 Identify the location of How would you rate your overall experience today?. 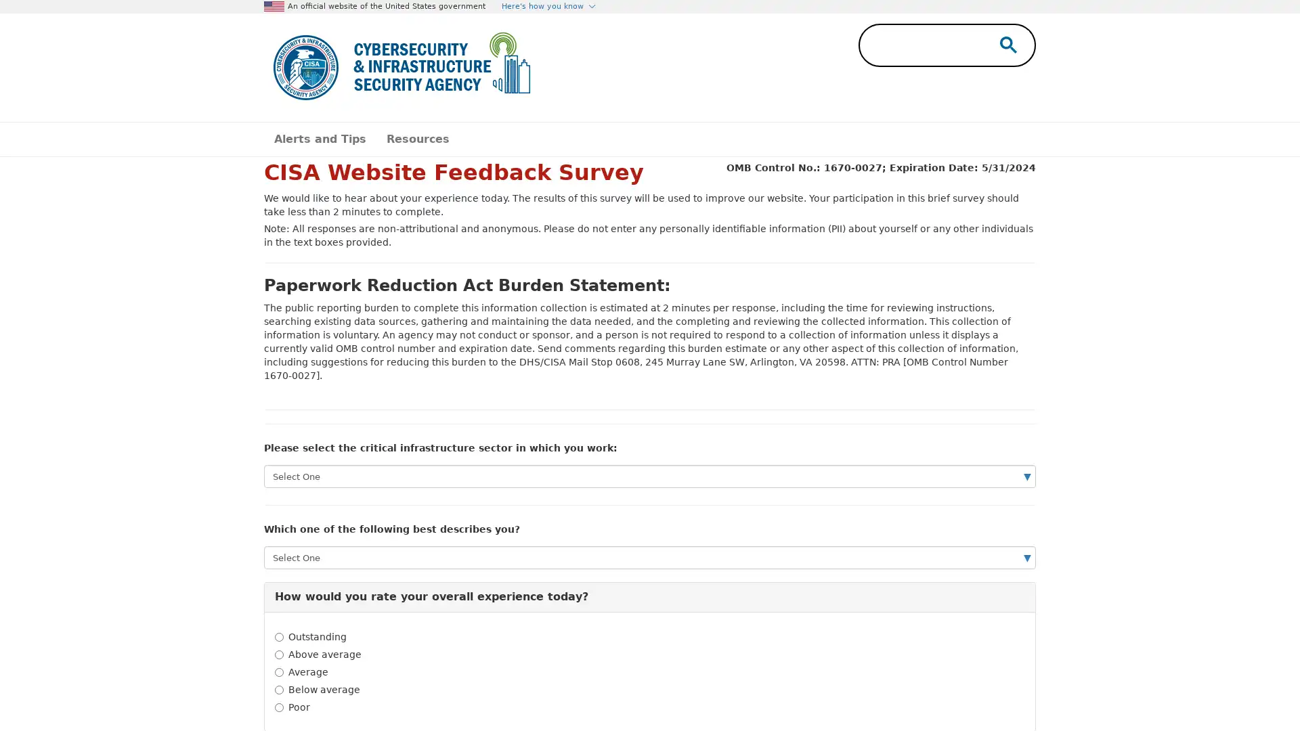
(650, 596).